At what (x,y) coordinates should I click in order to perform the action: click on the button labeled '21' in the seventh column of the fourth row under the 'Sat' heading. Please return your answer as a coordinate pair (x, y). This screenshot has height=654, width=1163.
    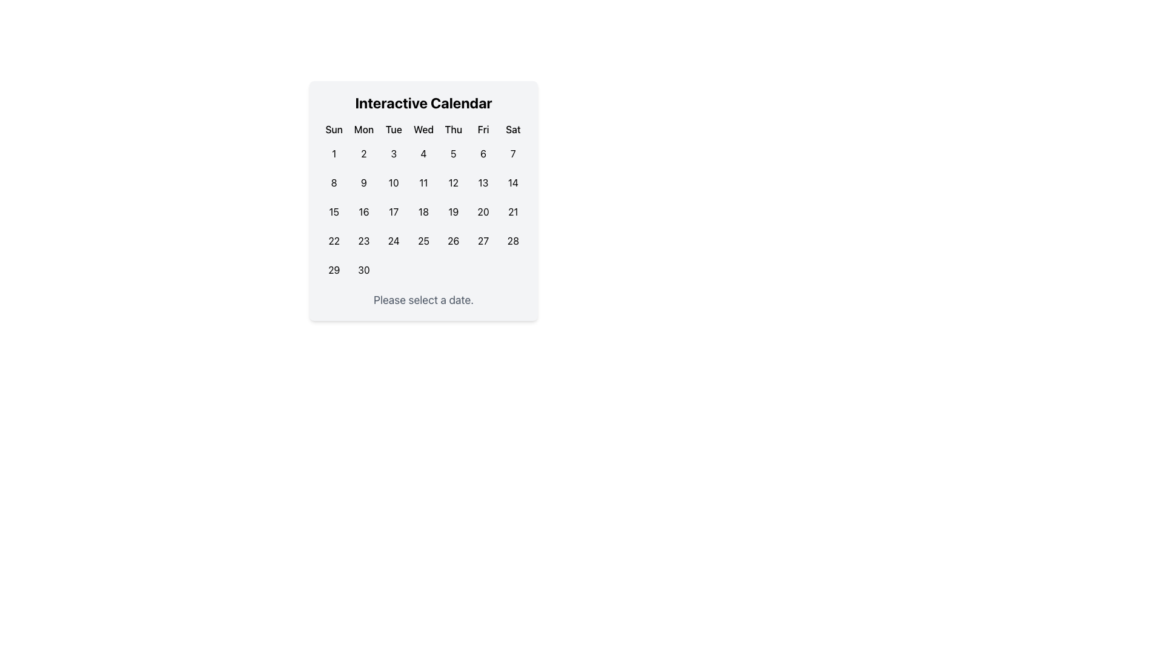
    Looking at the image, I should click on (513, 211).